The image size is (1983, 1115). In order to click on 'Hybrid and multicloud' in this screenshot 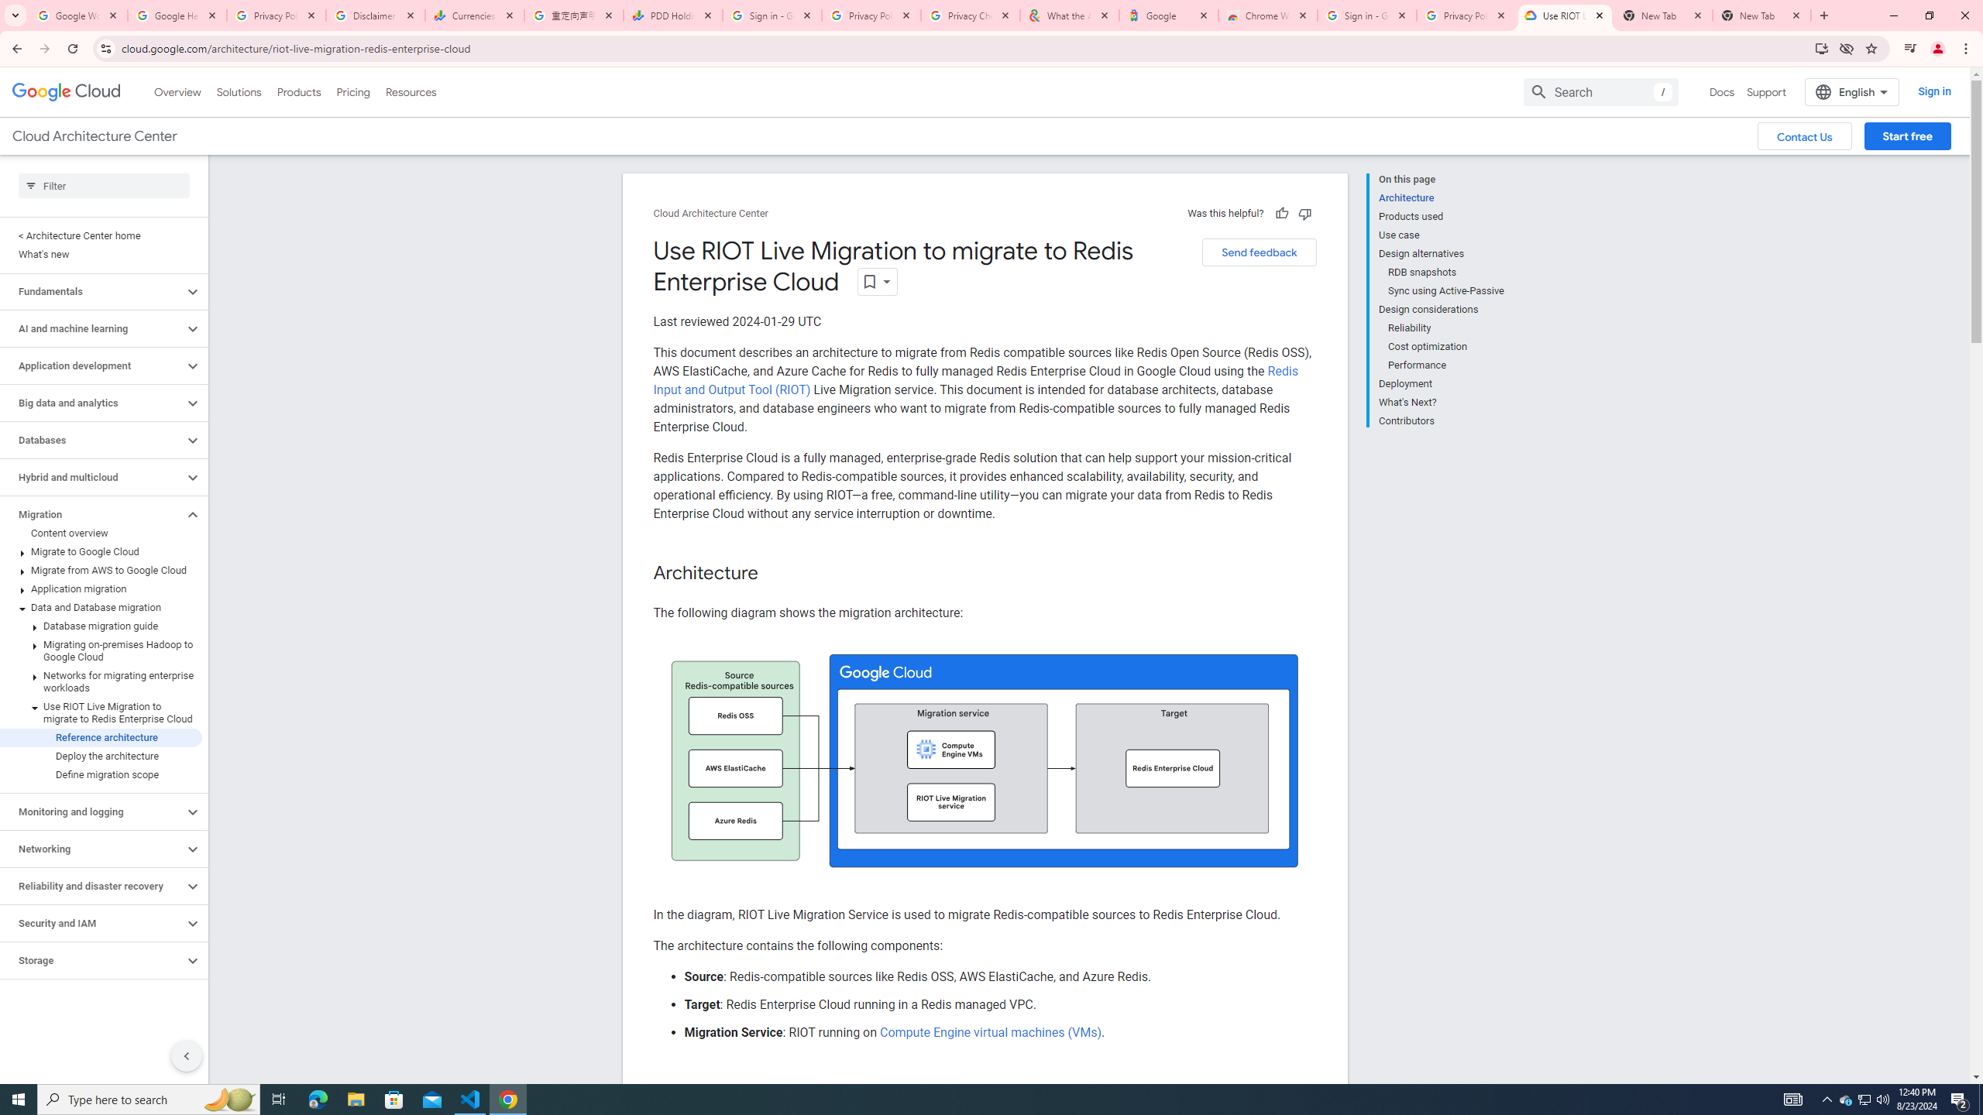, I will do `click(91, 477)`.